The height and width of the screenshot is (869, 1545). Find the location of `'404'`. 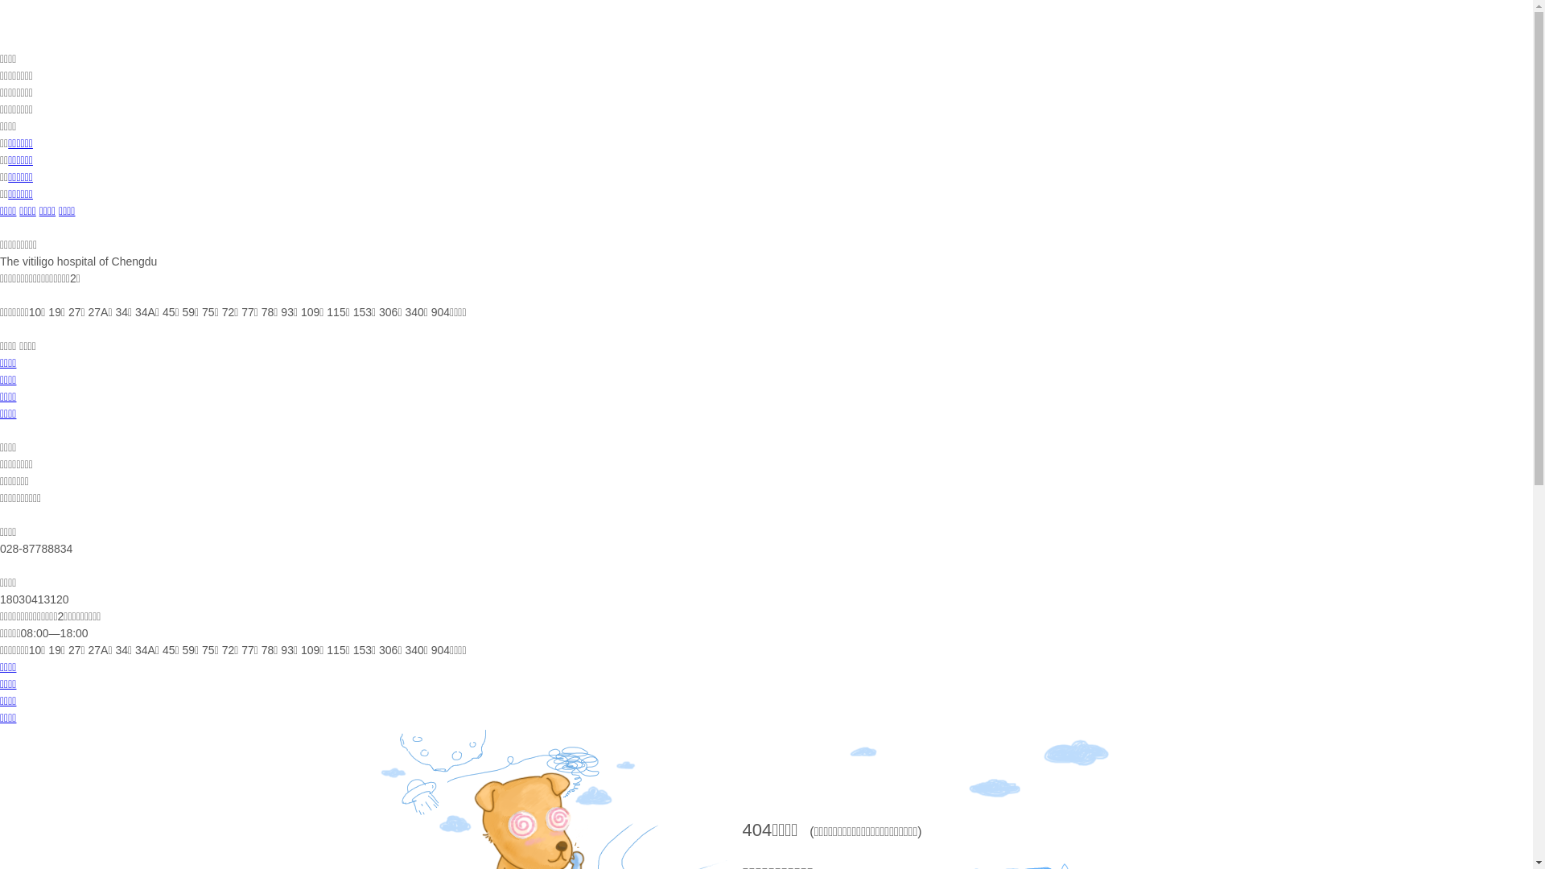

'404' is located at coordinates (756, 830).